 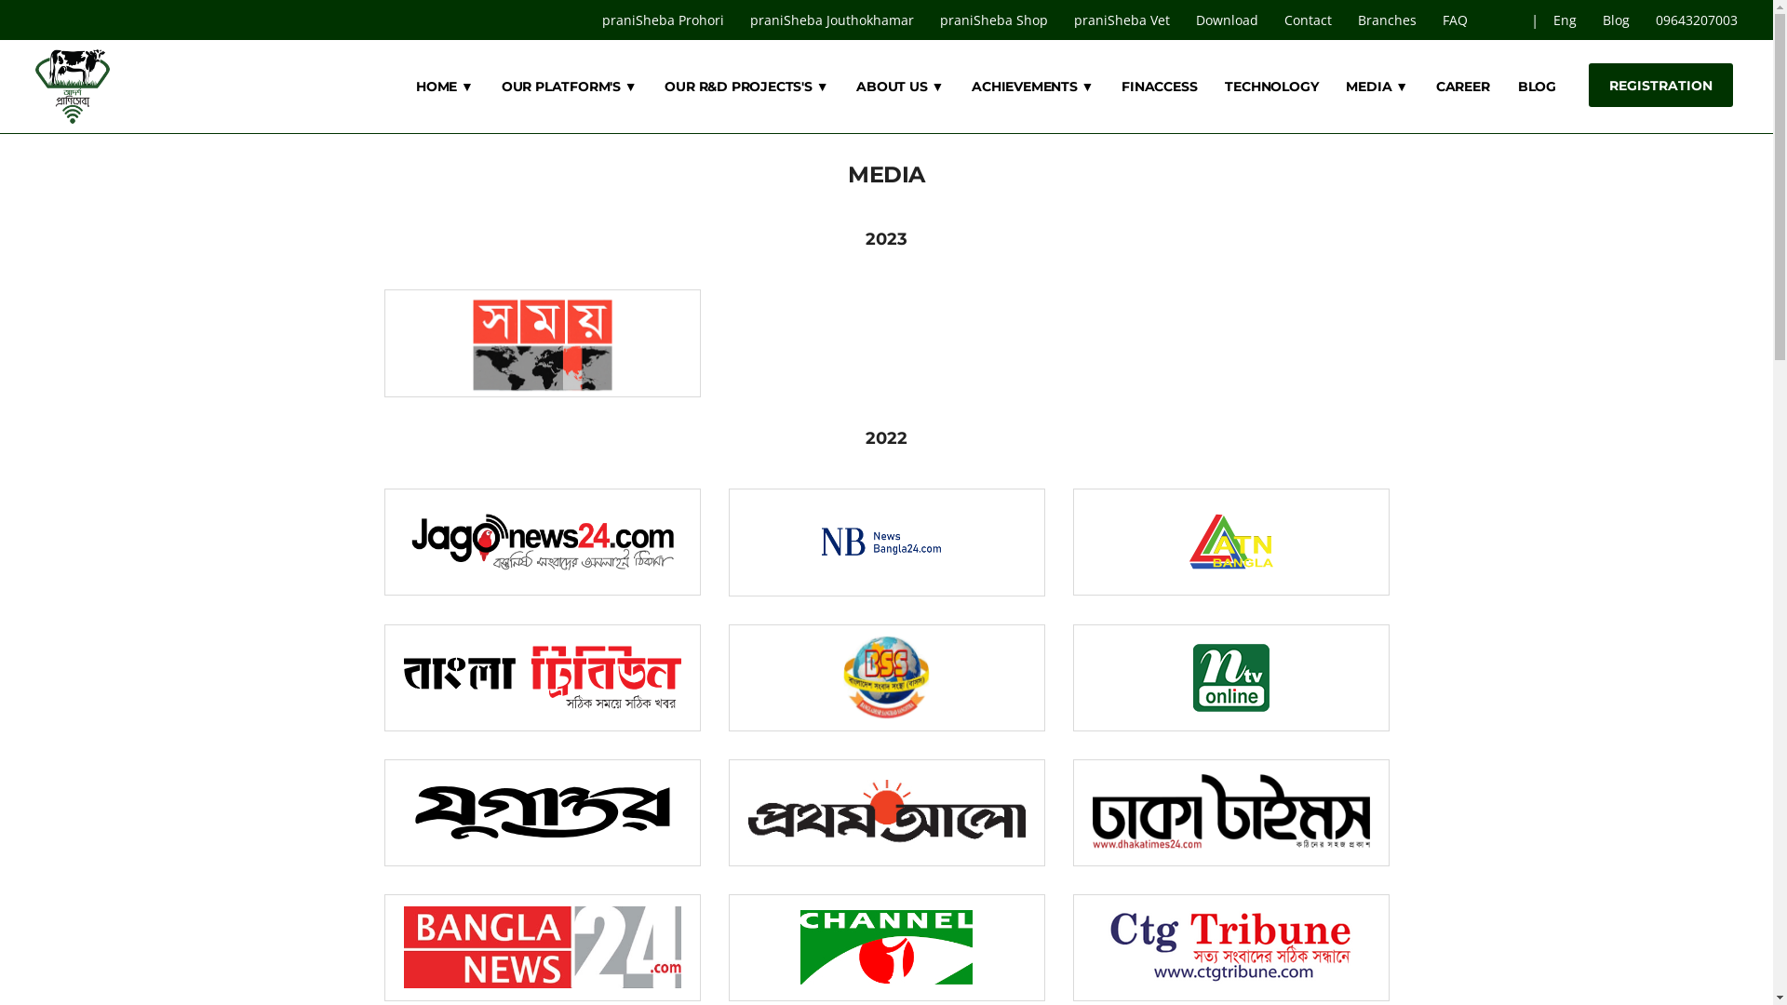 What do you see at coordinates (1389, 20) in the screenshot?
I see `'Branches'` at bounding box center [1389, 20].